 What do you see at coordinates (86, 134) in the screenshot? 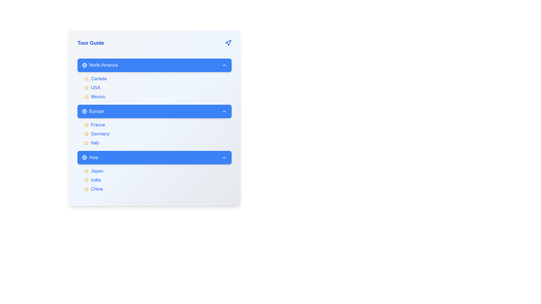
I see `the second star-shaped icon with a yellow outline` at bounding box center [86, 134].